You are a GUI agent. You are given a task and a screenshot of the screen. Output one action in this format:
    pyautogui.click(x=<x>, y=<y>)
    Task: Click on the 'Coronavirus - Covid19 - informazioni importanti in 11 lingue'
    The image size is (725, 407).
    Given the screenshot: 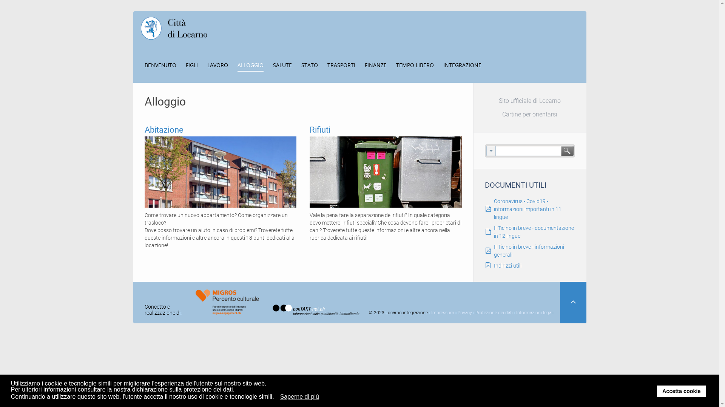 What is the action you would take?
    pyautogui.click(x=527, y=209)
    